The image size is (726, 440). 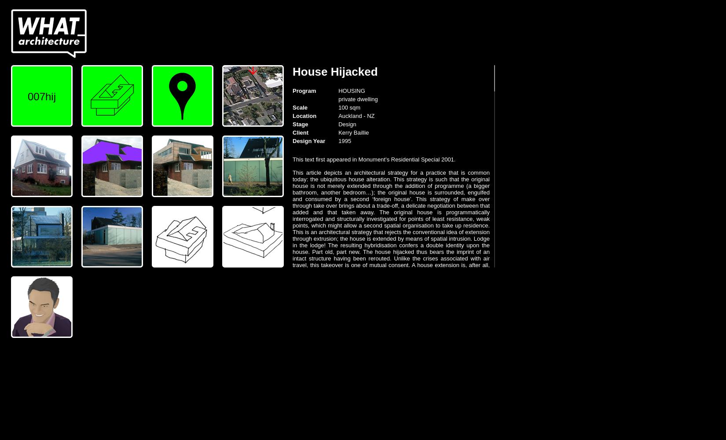 I want to click on 'Design', so click(x=347, y=124).